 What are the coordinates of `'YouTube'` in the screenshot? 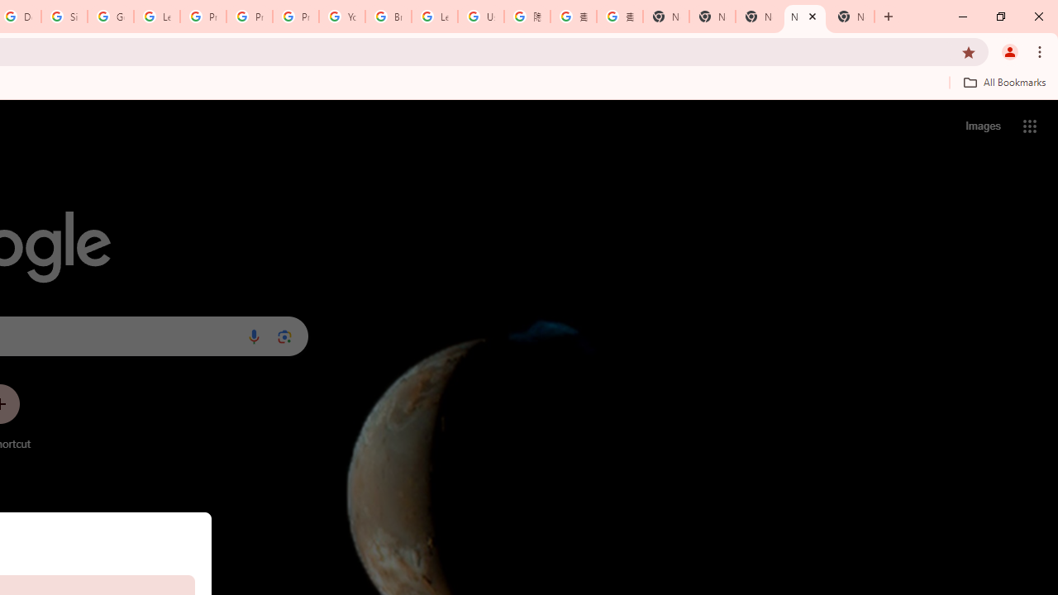 It's located at (341, 17).